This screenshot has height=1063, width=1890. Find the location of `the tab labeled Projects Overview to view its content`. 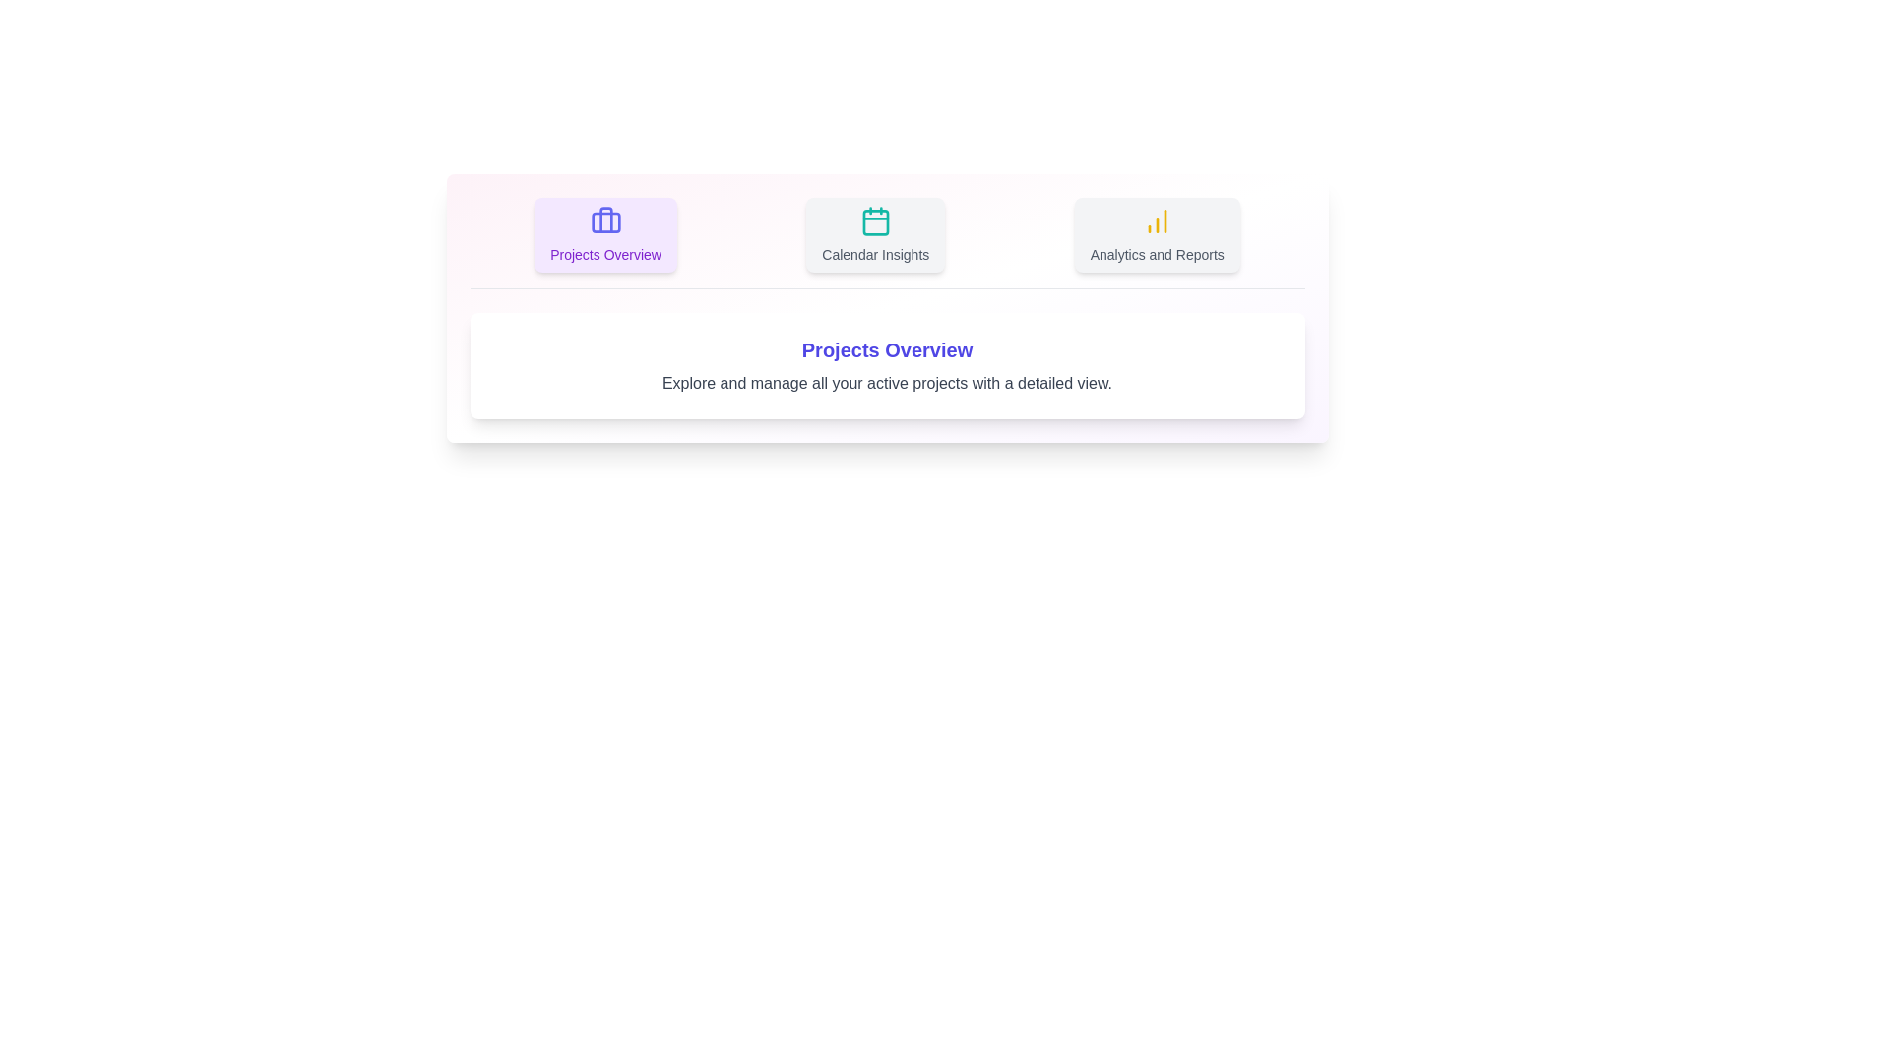

the tab labeled Projects Overview to view its content is located at coordinates (604, 234).